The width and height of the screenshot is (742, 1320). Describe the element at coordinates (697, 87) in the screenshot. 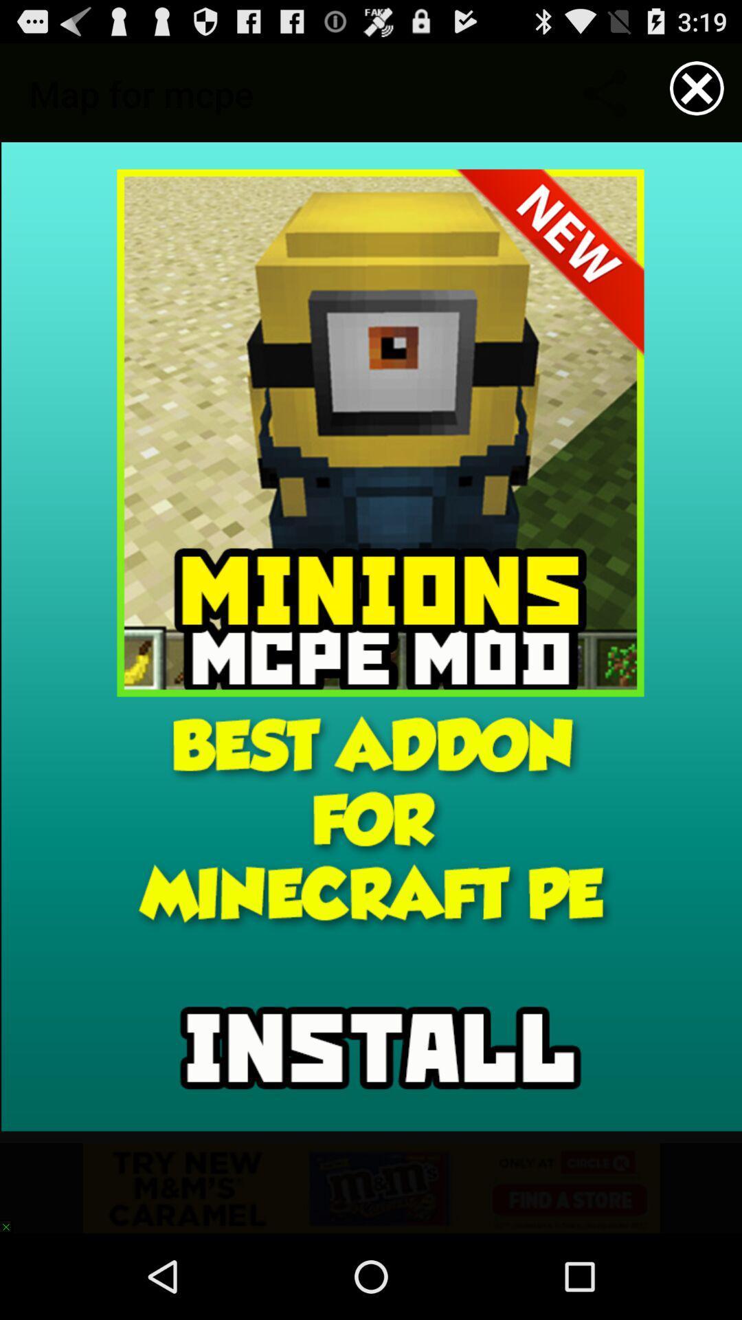

I see `the icon at the top right corner` at that location.